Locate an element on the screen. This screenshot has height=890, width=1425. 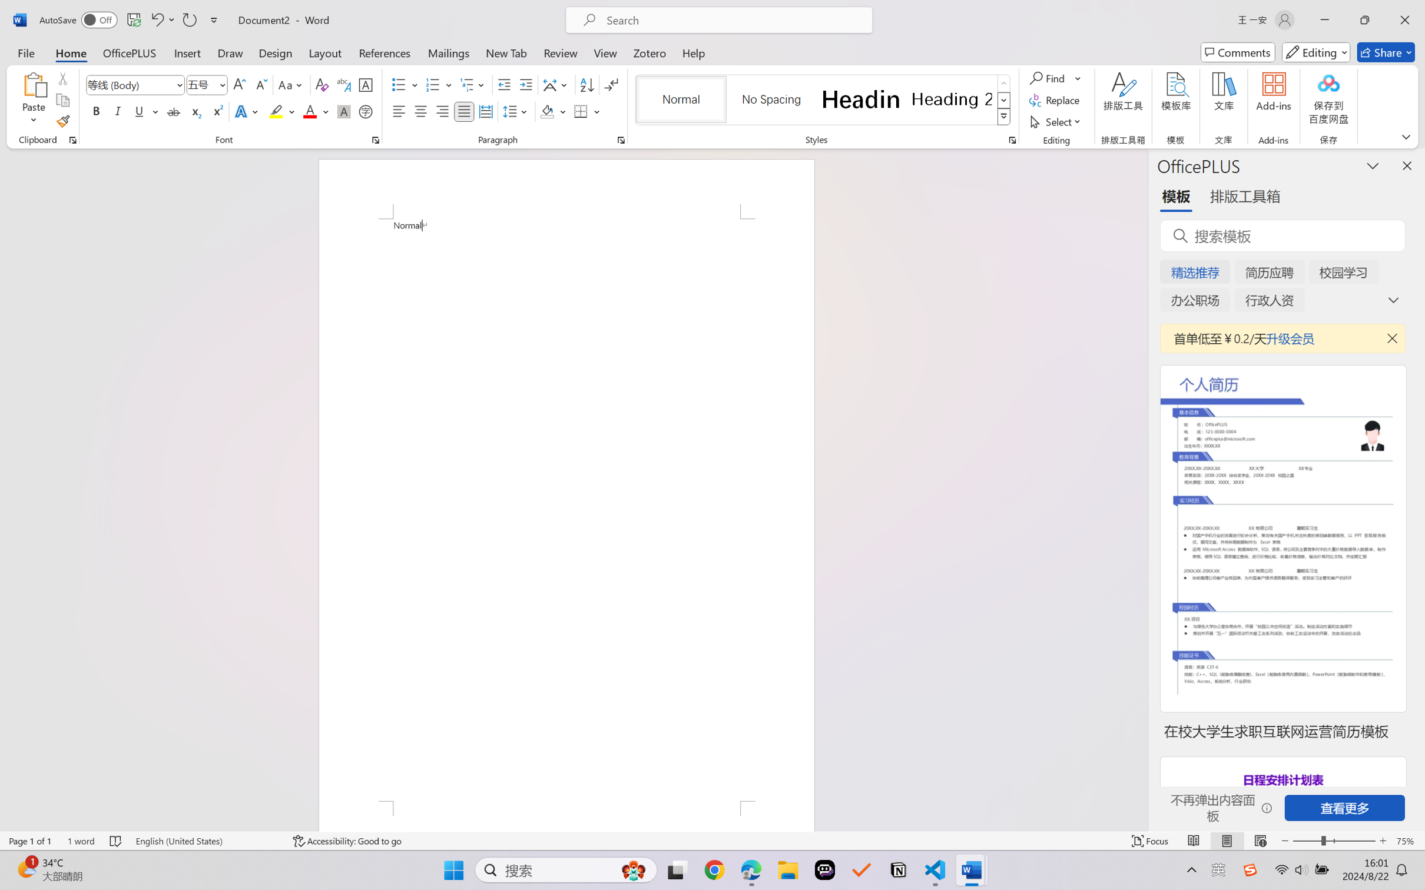
'Mode' is located at coordinates (1316, 52).